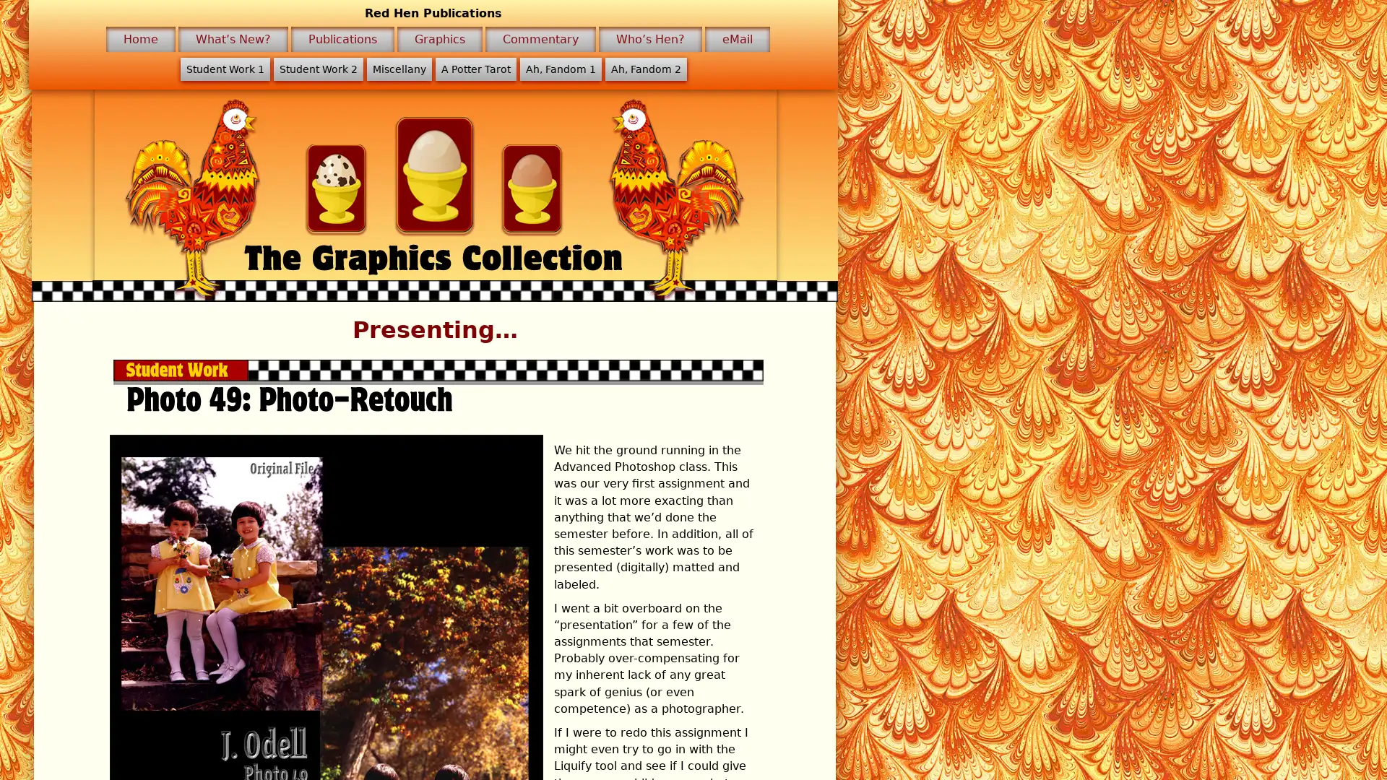 Image resolution: width=1387 pixels, height=780 pixels. I want to click on Ah, Fandom 1, so click(559, 69).